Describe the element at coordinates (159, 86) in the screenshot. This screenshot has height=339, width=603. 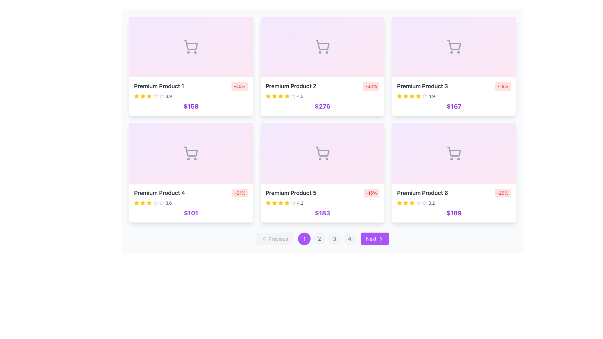
I see `the product name text label located at the top-left of the card, just below the shopping cart icon` at that location.